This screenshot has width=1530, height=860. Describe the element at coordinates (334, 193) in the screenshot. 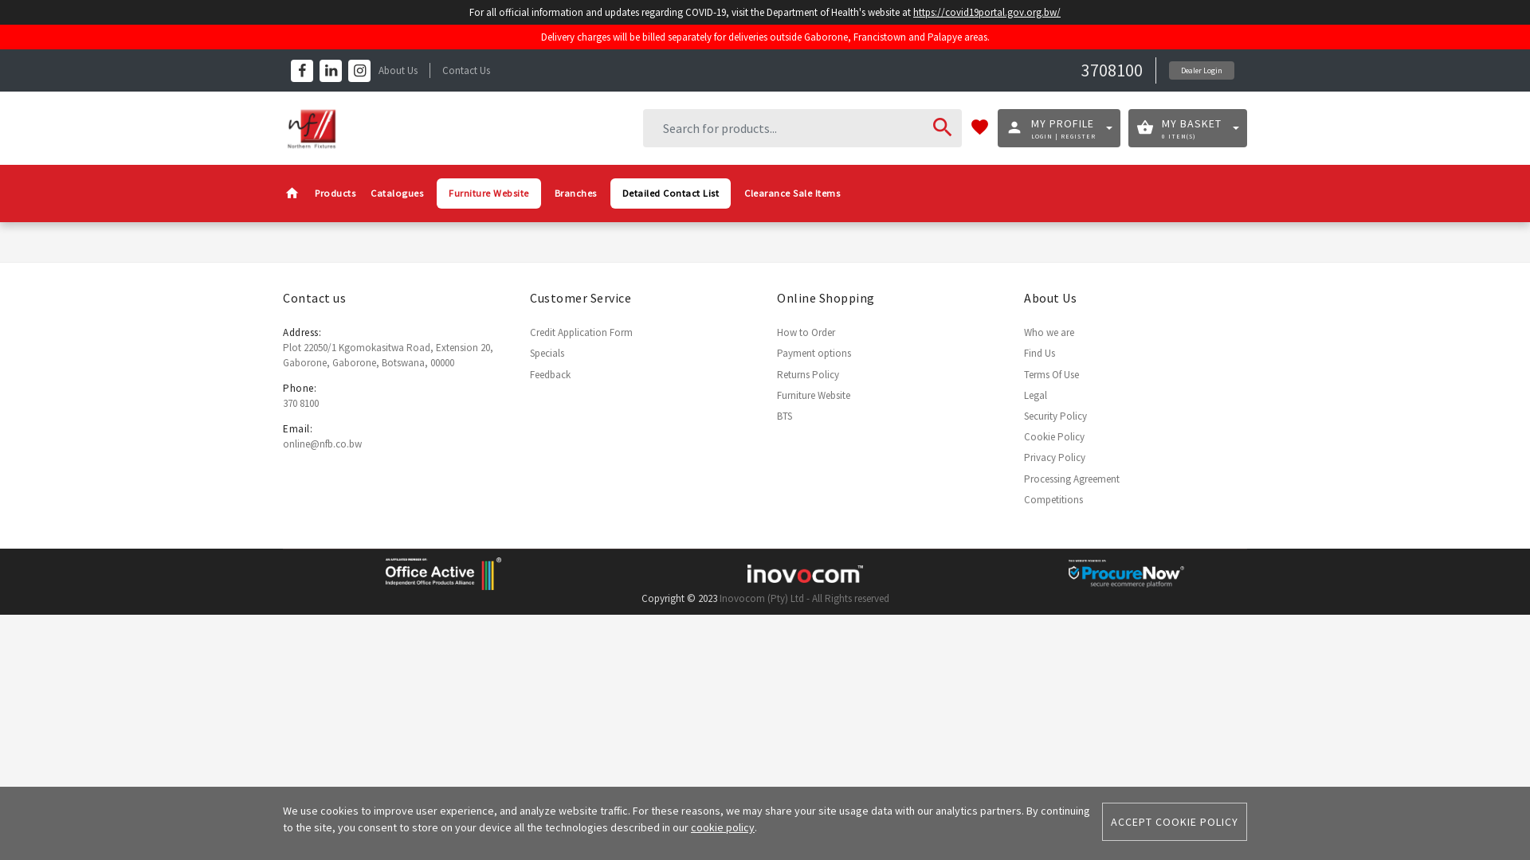

I see `'Products'` at that location.